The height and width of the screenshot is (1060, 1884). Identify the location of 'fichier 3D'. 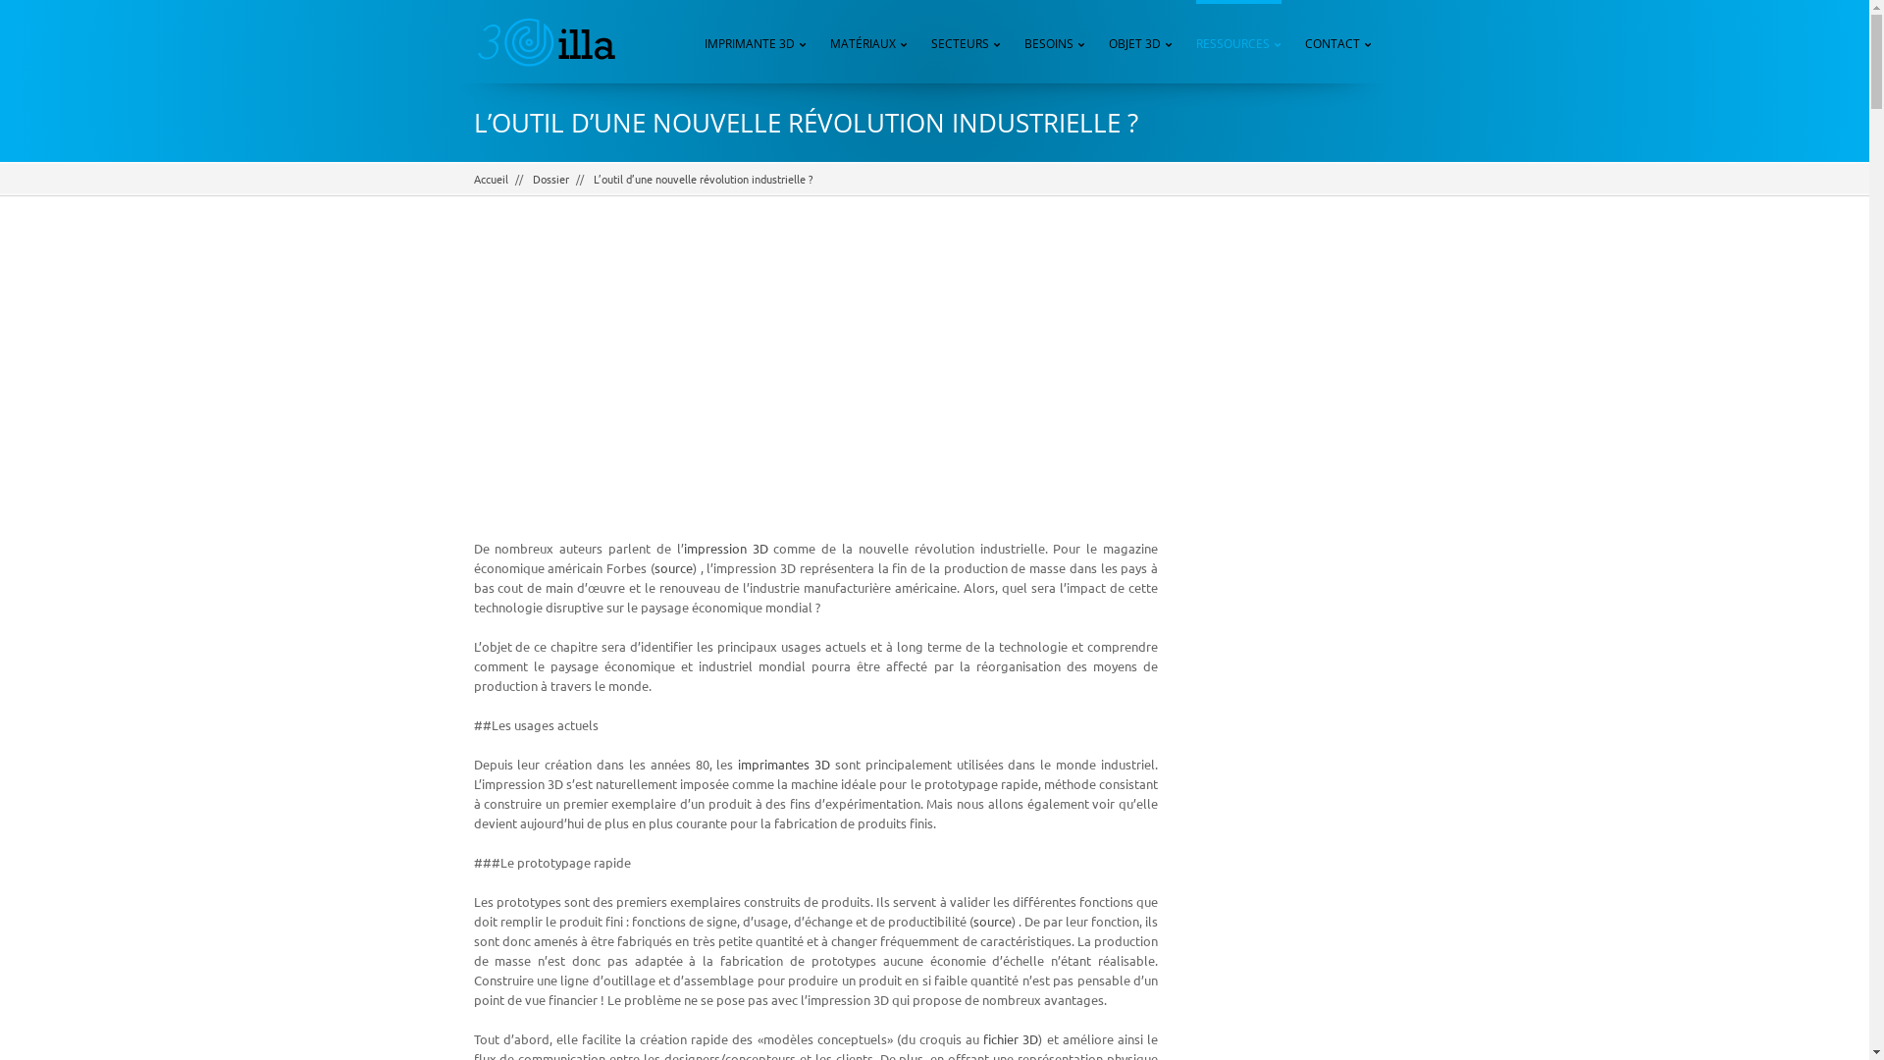
(983, 1037).